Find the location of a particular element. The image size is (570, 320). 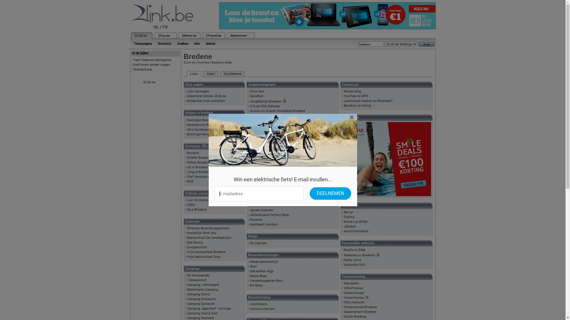

'FR' is located at coordinates (165, 27).